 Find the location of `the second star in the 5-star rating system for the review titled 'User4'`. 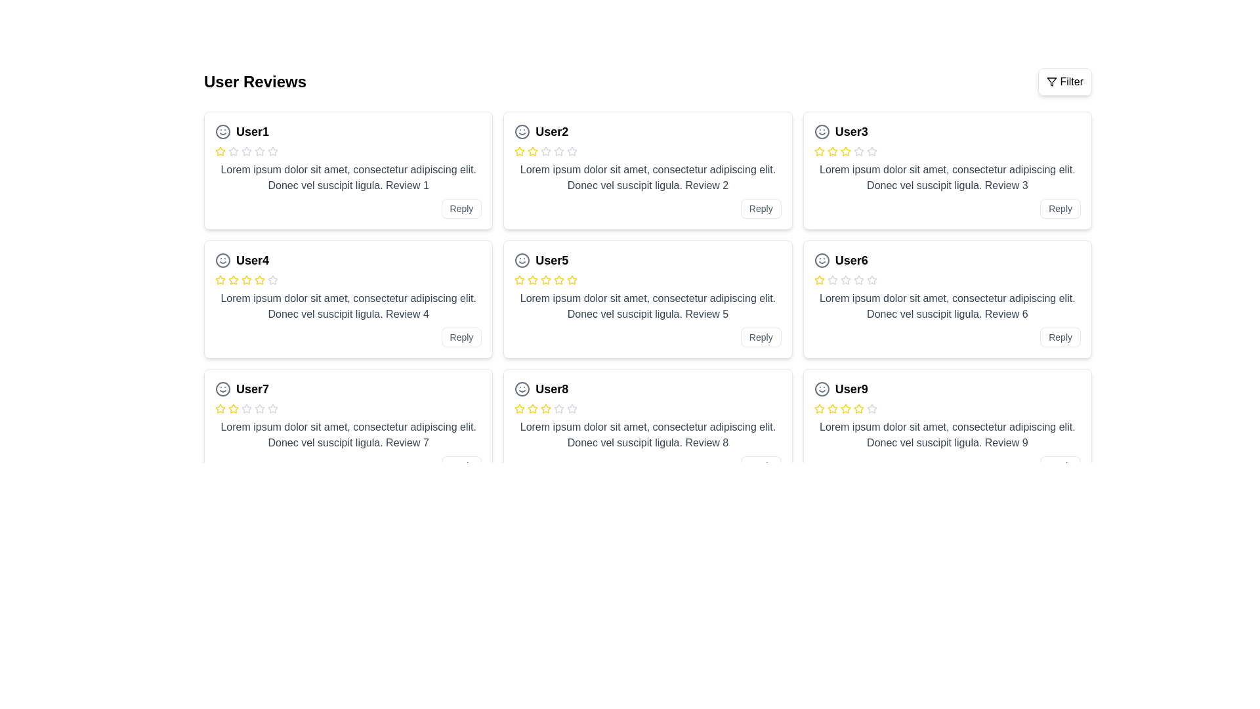

the second star in the 5-star rating system for the review titled 'User4' is located at coordinates (233, 279).